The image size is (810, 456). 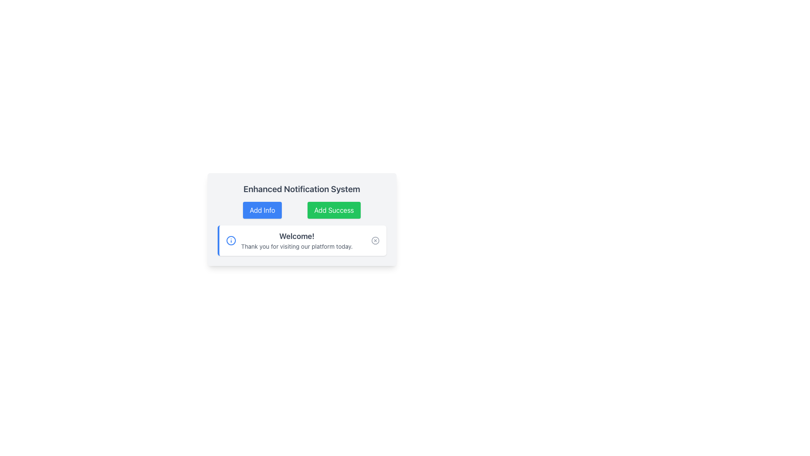 I want to click on the 'Welcome!' area in the light gray card titled 'Enhanced Notification System', so click(x=302, y=219).